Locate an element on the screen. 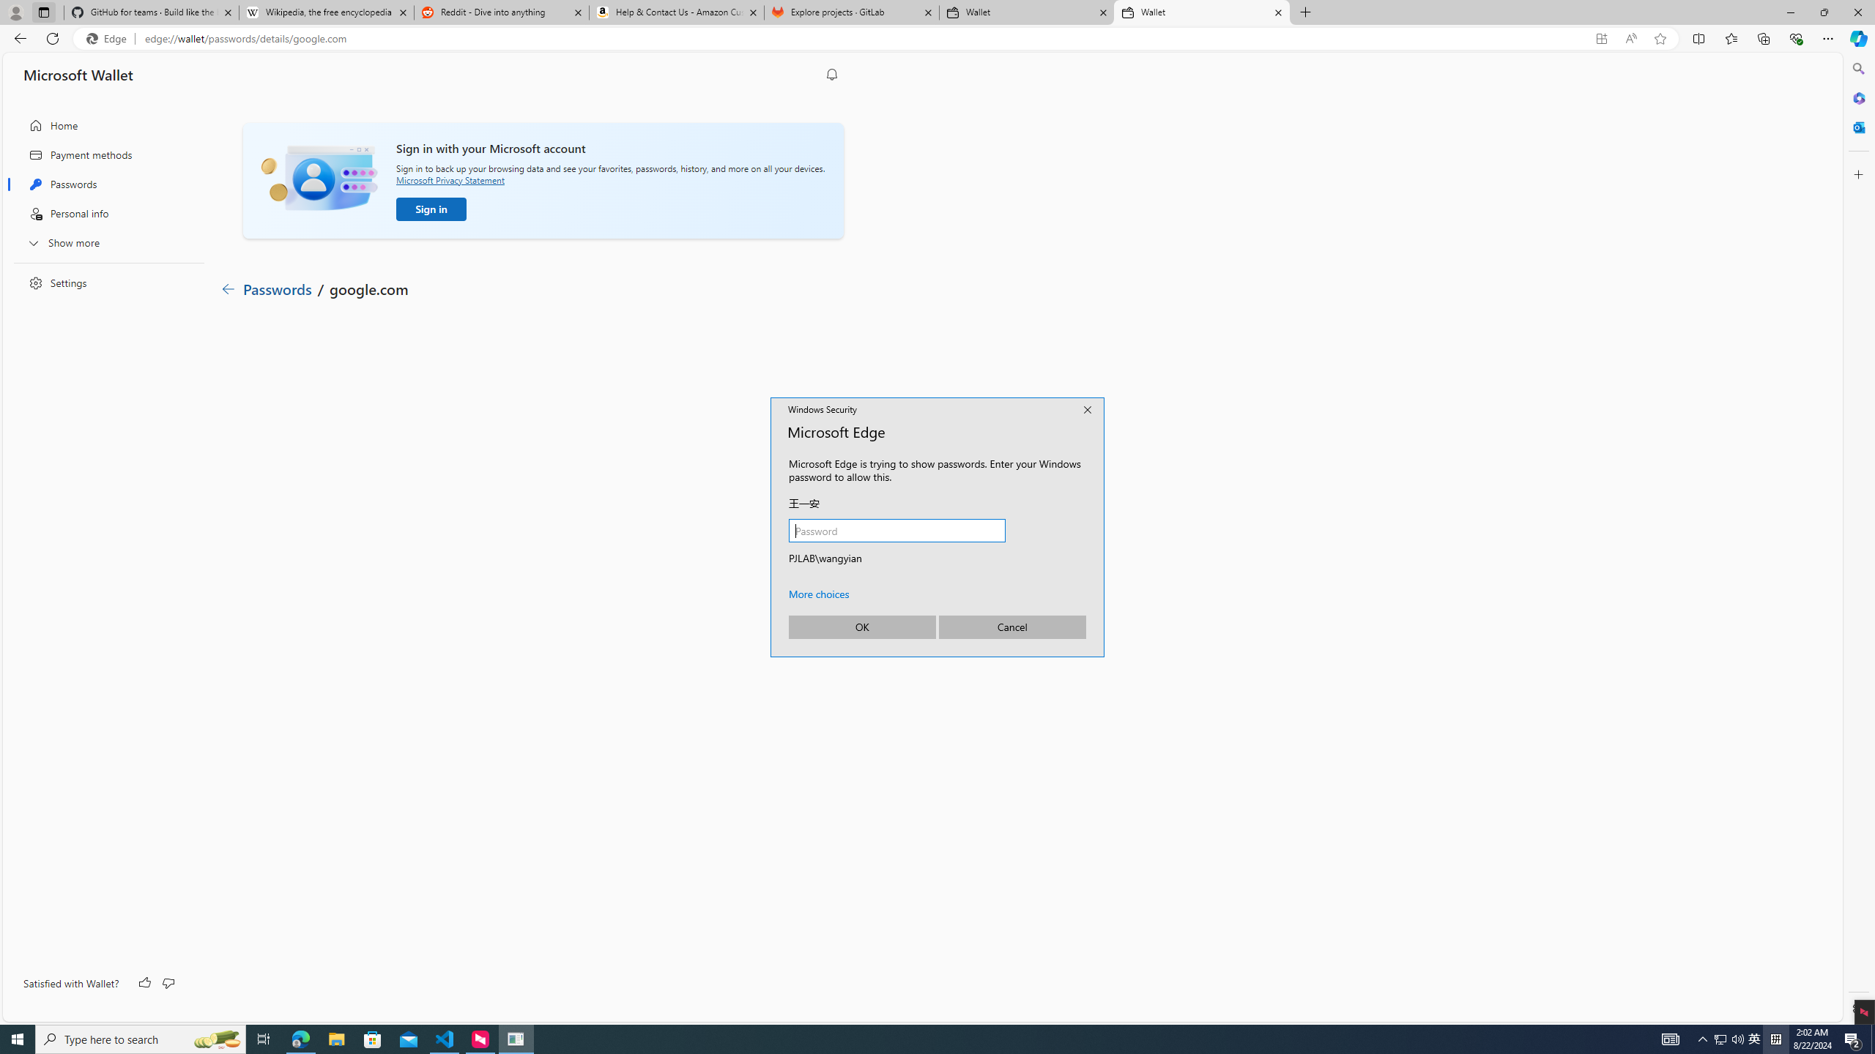  'Microsoft Privacy Statement' is located at coordinates (449, 179).